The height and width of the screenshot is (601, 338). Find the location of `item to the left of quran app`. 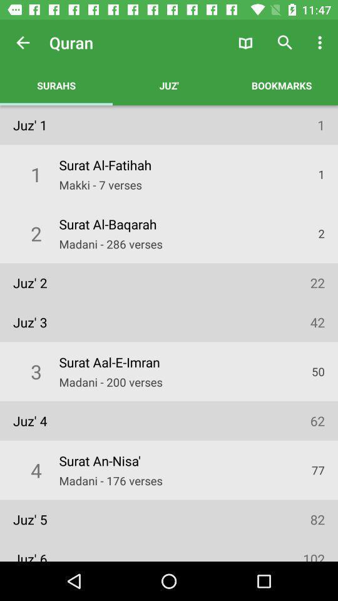

item to the left of quran app is located at coordinates (23, 43).